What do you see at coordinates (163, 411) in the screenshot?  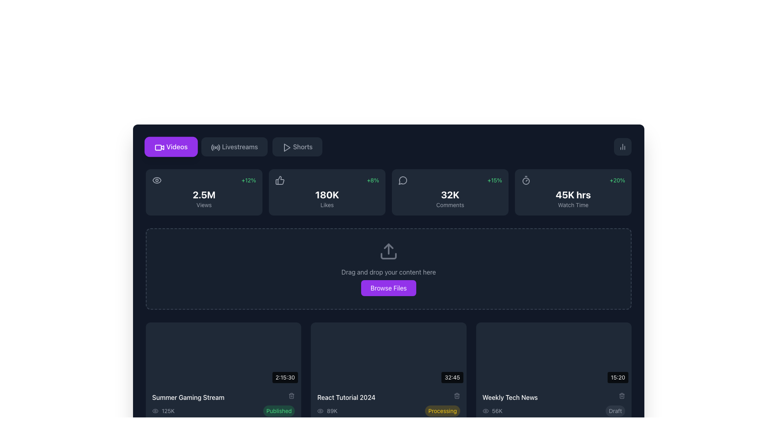 I see `the text label displaying '125K', which is located next to an eye icon and below the title 'Summer Gaming Stream'` at bounding box center [163, 411].